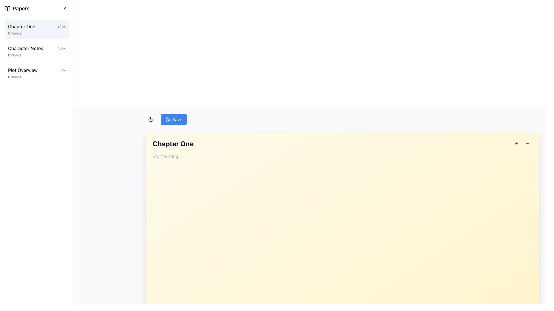 This screenshot has height=311, width=554. I want to click on the second navigational card labeled 'Character Notes' in the list under the 'Papers' heading, so click(36, 51).